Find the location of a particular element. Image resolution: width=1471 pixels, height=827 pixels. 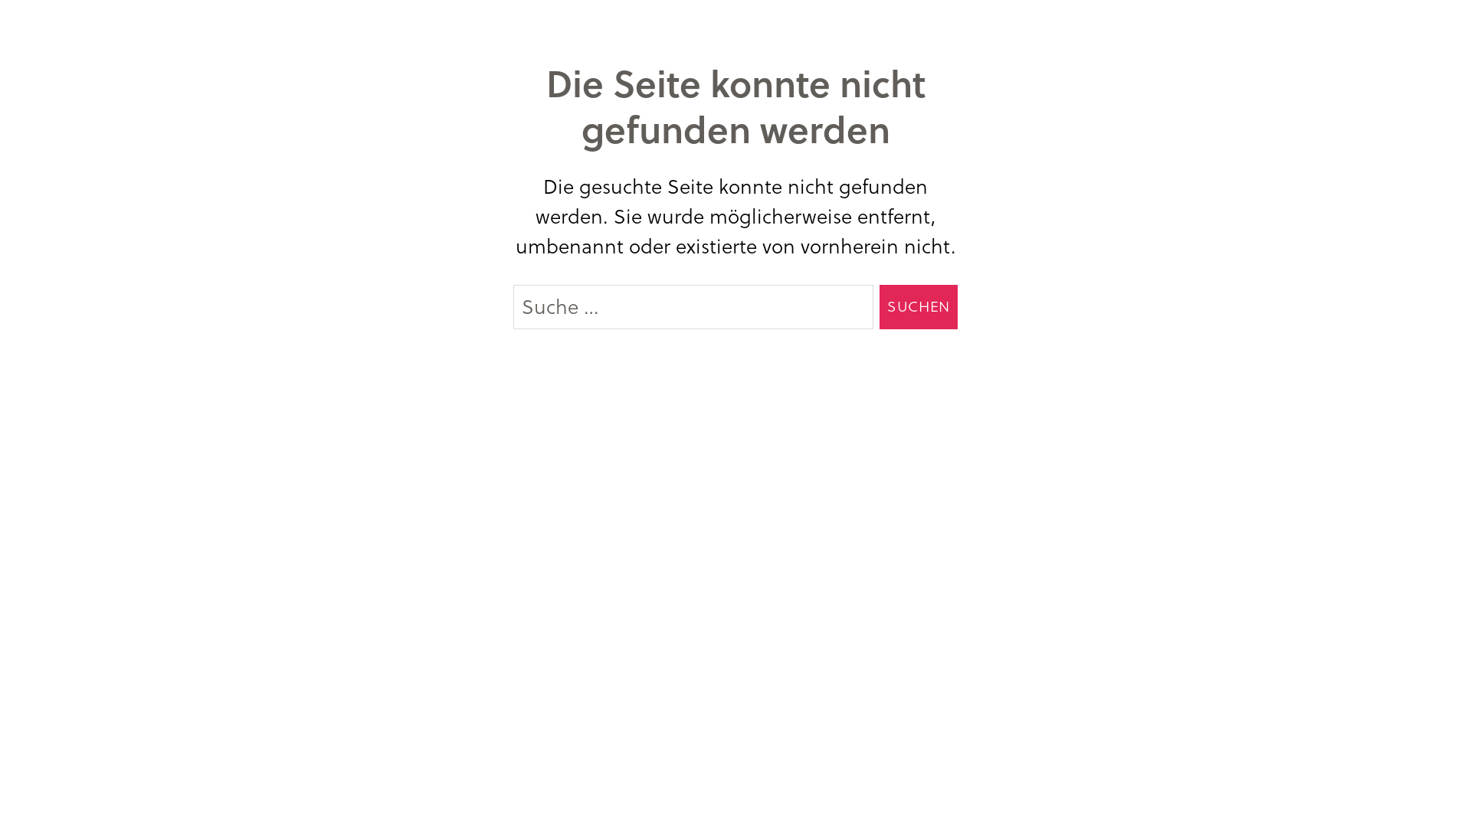

'Suchen' is located at coordinates (919, 307).